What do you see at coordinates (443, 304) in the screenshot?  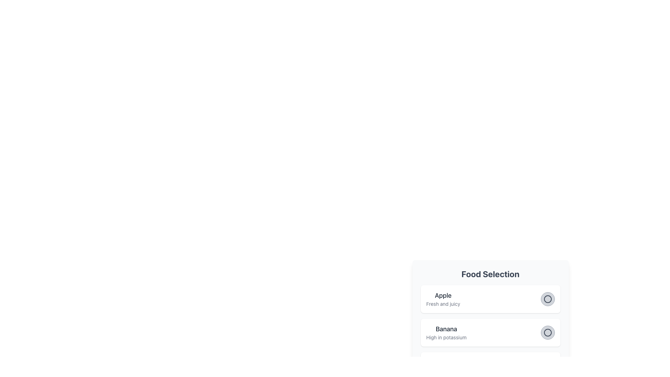 I see `text content of the text label that reads 'Fresh and juicy' located below the 'Apple' label in the food selection interface` at bounding box center [443, 304].